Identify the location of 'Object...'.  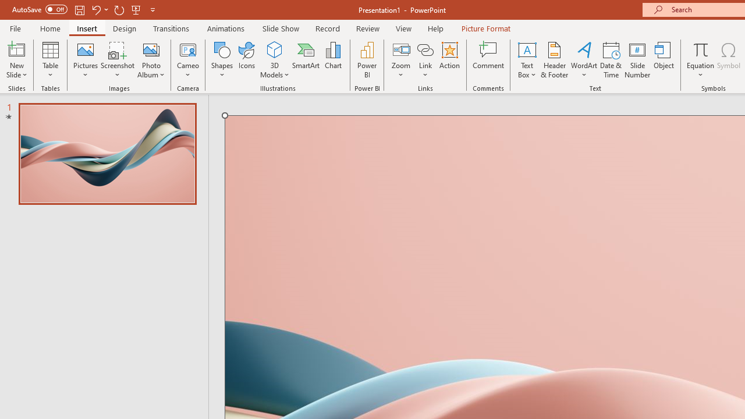
(664, 60).